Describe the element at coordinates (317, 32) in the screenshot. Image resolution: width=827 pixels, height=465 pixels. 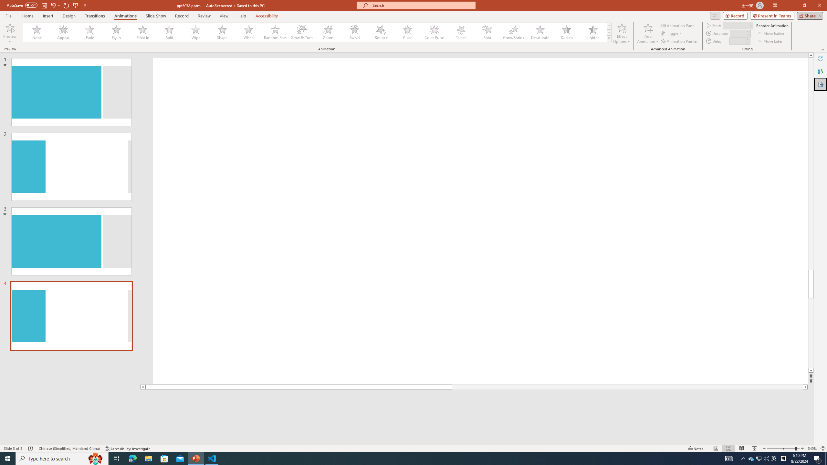
I see `'AutomationID: AnimationGallery'` at that location.